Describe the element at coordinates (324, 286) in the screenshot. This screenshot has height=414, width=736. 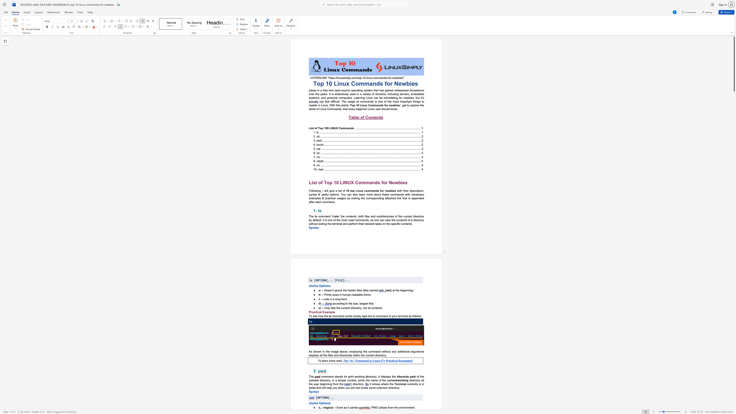
I see `the subset text "ions" within the text "Useful Options"` at that location.